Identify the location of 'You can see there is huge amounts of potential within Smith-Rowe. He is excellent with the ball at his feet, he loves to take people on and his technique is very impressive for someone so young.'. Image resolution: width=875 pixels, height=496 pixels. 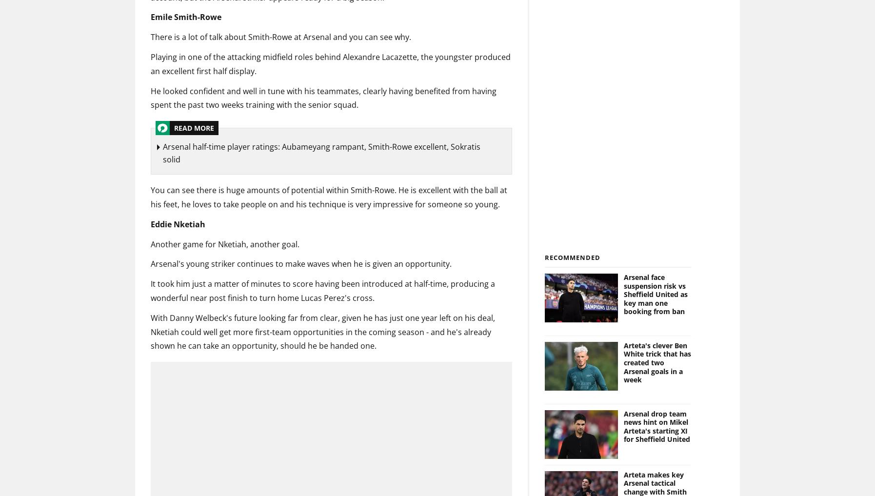
(150, 197).